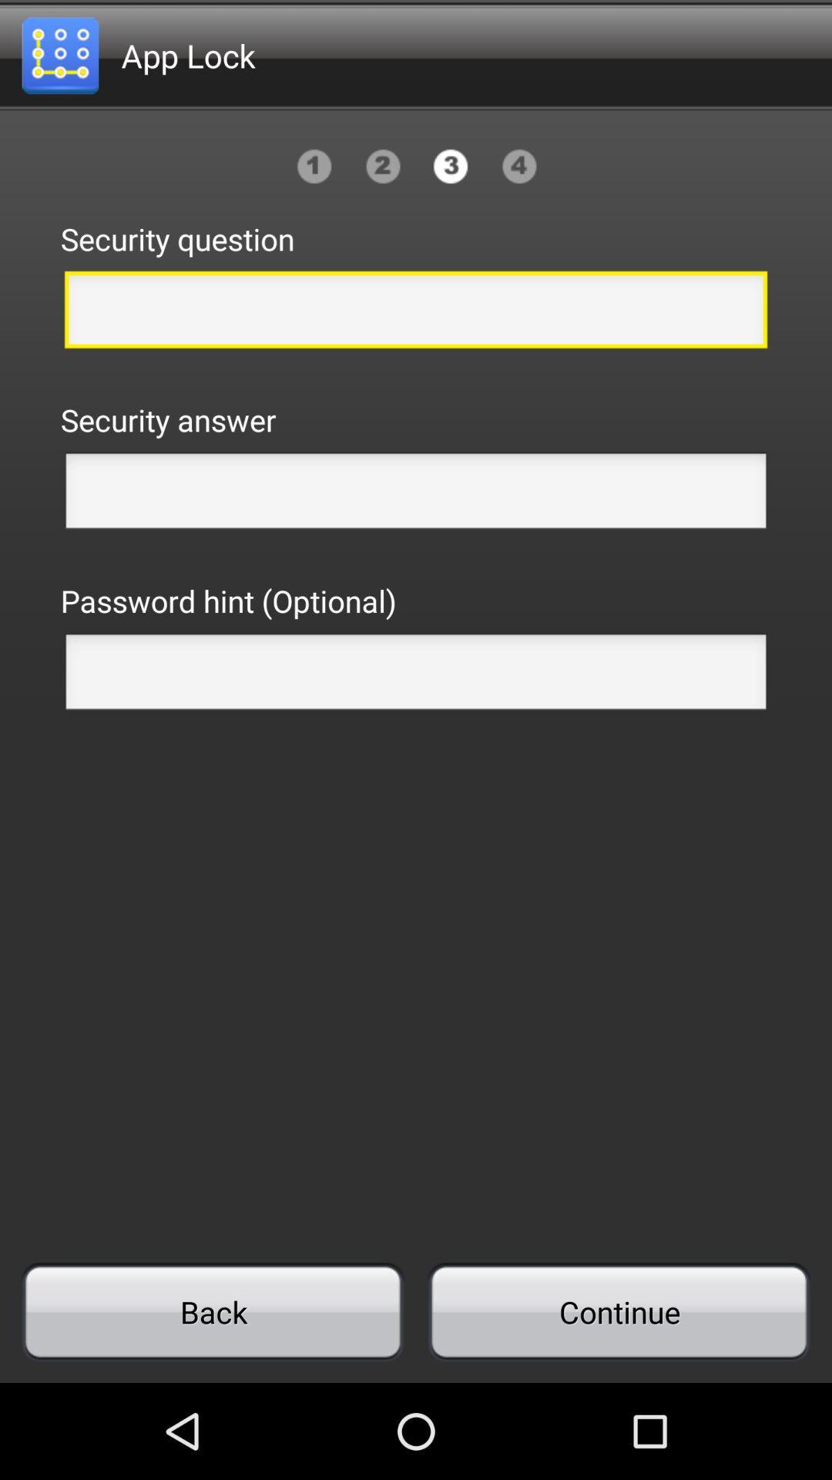 The image size is (832, 1480). What do you see at coordinates (213, 1311) in the screenshot?
I see `item at the bottom left corner` at bounding box center [213, 1311].